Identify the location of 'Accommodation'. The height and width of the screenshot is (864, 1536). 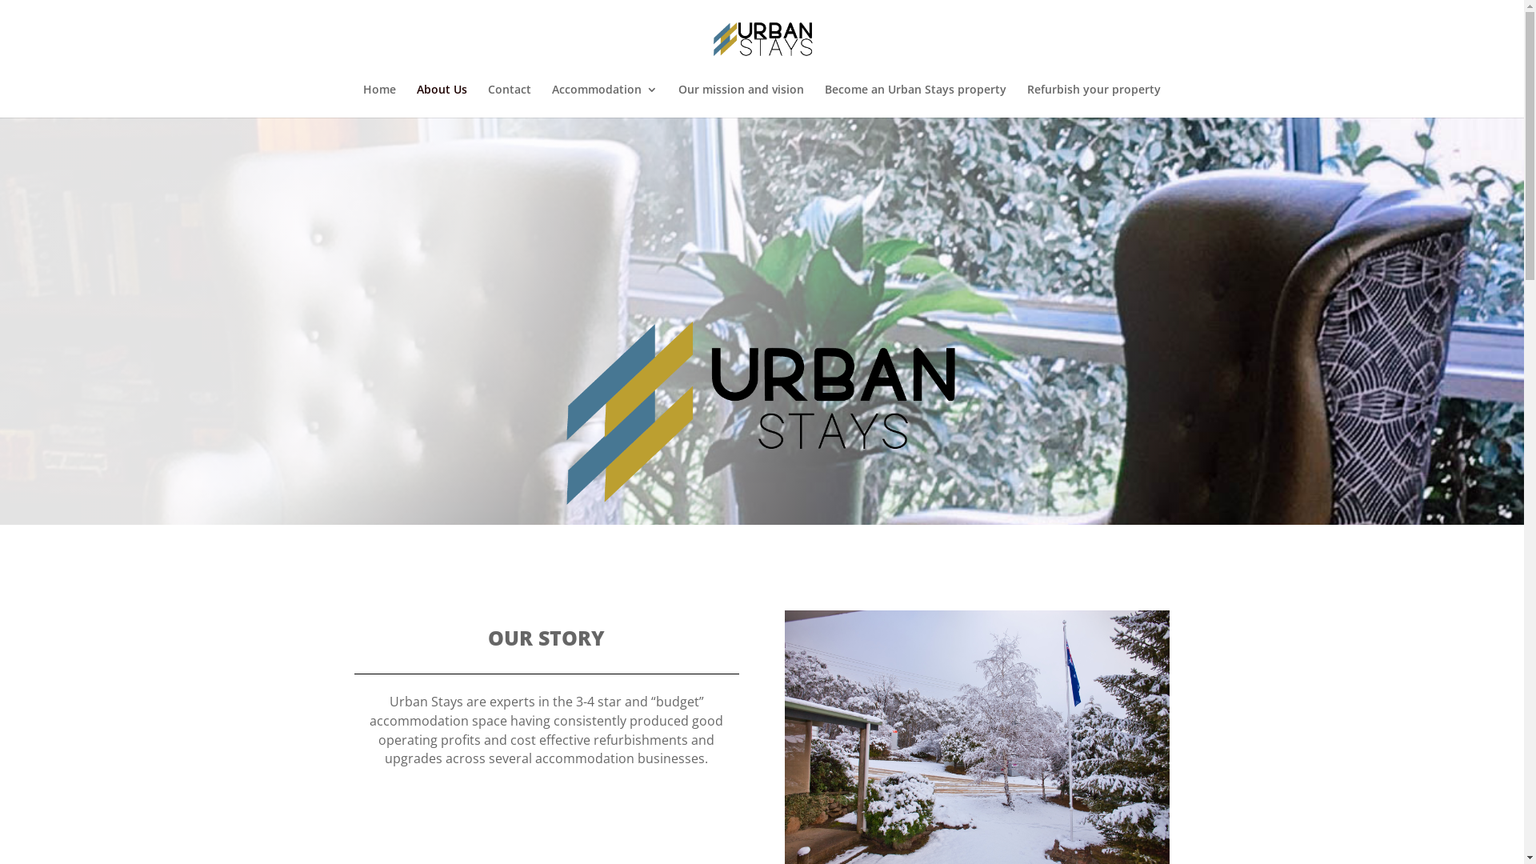
(603, 101).